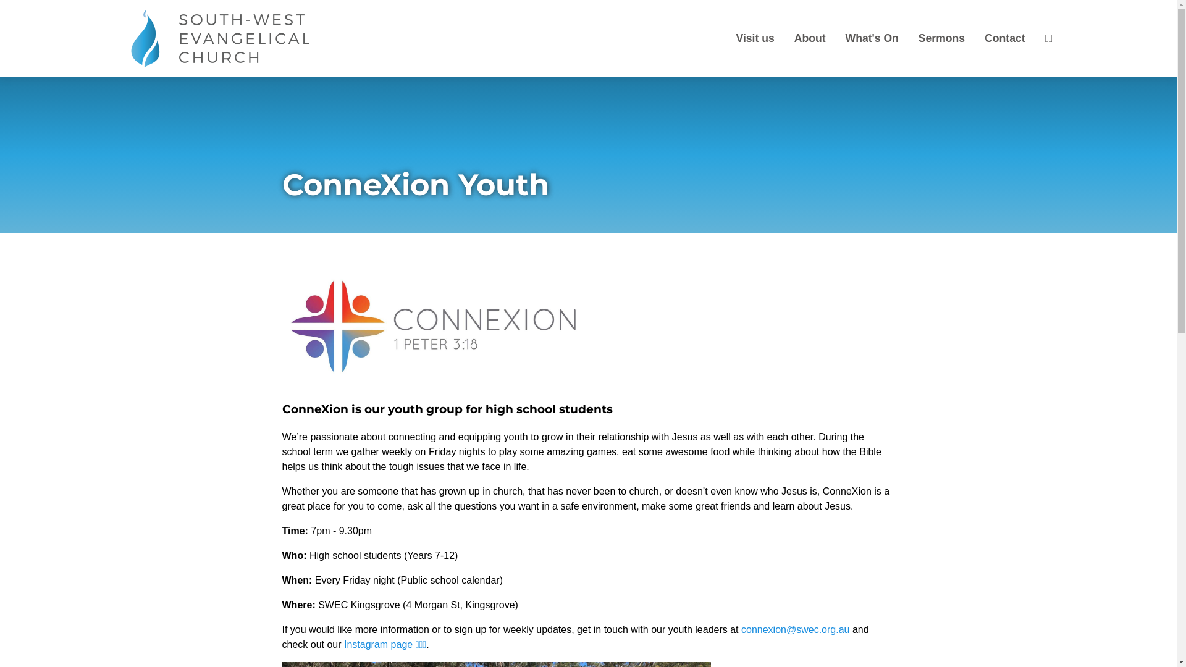  I want to click on 'What's On', so click(871, 37).